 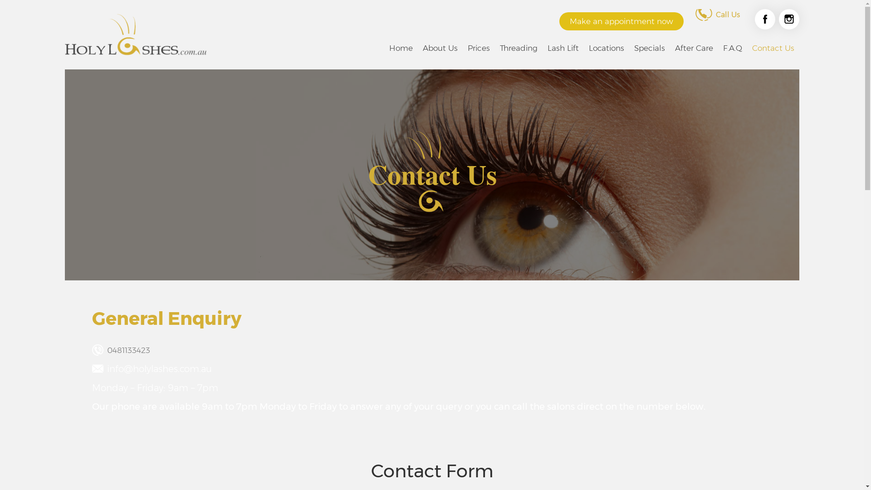 I want to click on 'After Care', so click(x=694, y=48).